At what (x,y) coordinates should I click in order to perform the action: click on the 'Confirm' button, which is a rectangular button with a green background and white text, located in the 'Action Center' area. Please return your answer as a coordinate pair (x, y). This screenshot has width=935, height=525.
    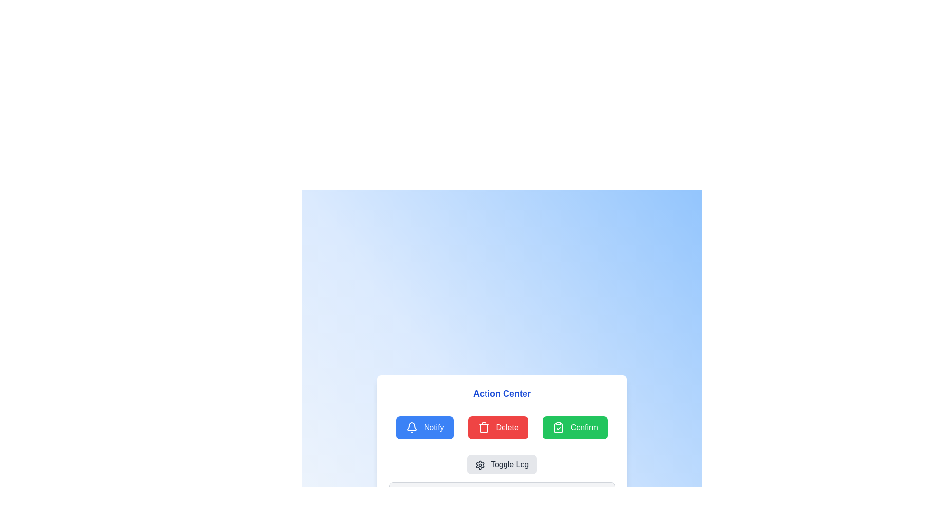
    Looking at the image, I should click on (575, 427).